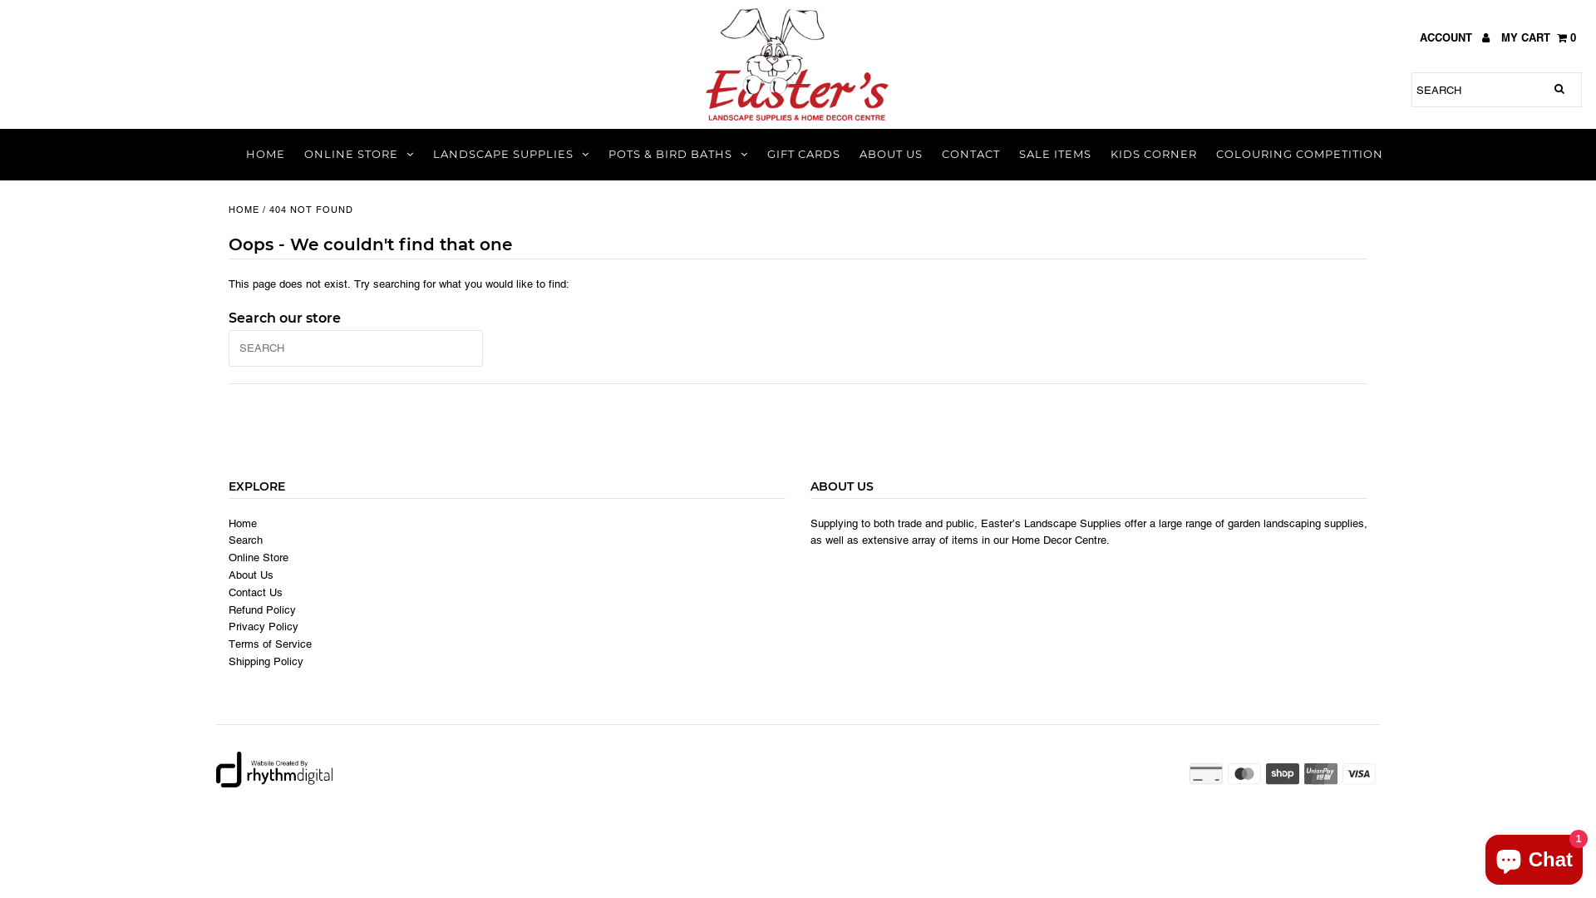 This screenshot has height=898, width=1596. What do you see at coordinates (227, 522) in the screenshot?
I see `'Home'` at bounding box center [227, 522].